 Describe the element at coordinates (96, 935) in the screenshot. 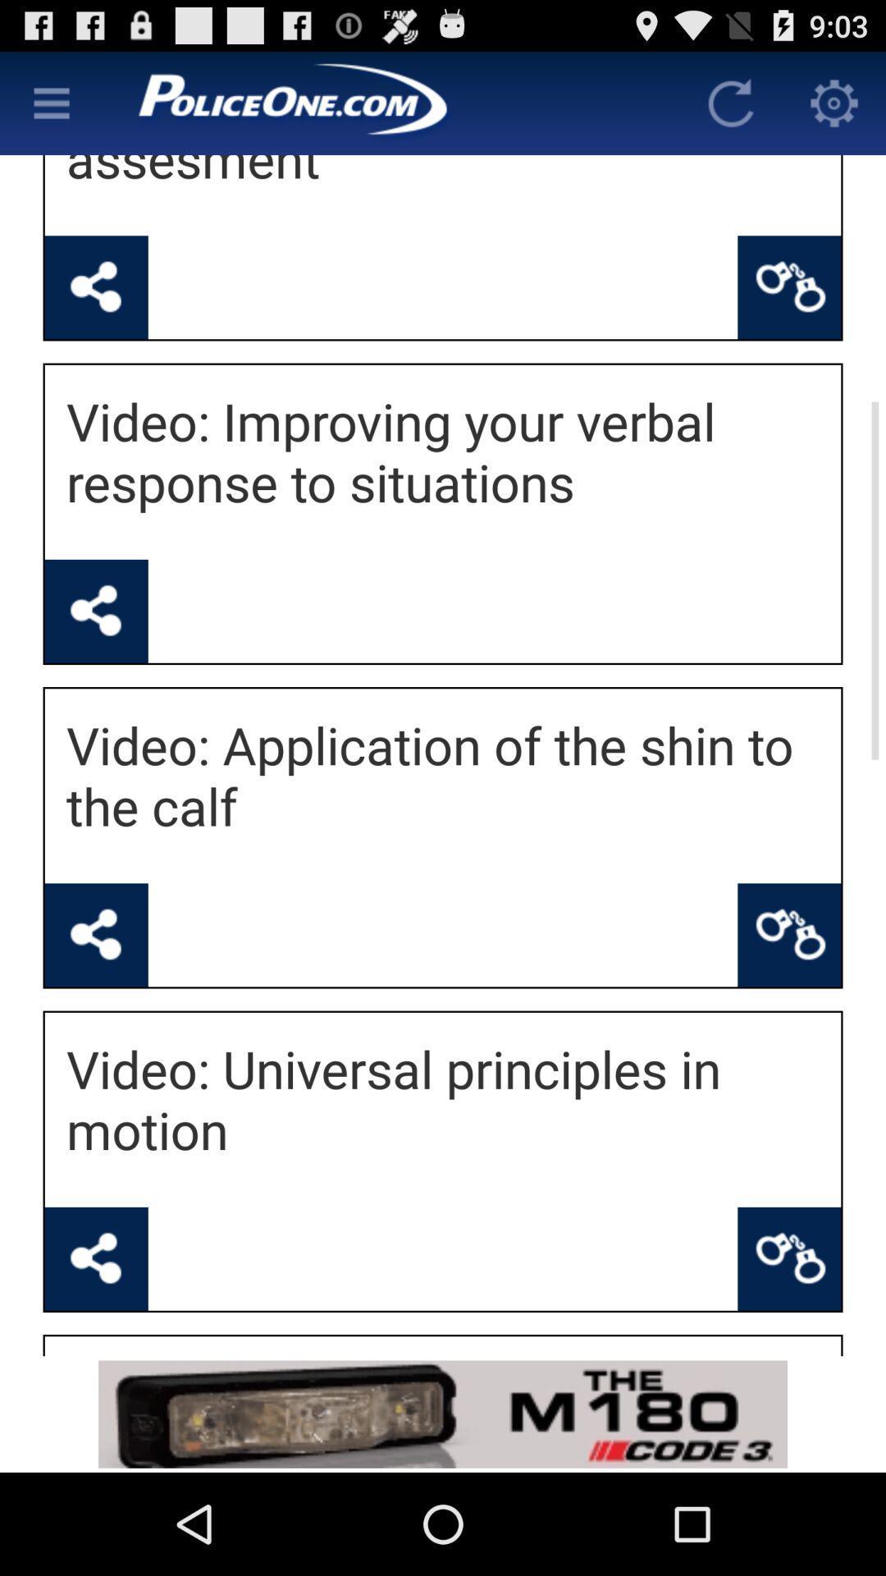

I see `share the video on social media` at that location.